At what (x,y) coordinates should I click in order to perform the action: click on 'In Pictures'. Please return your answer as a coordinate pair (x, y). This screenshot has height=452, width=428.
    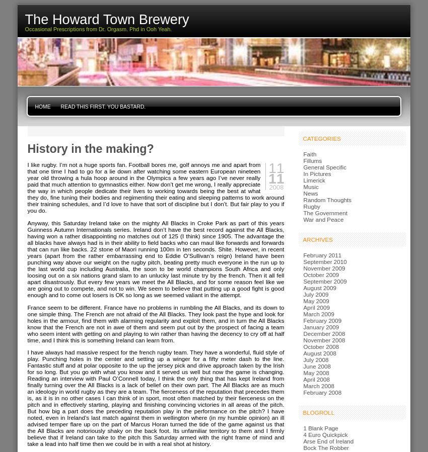
    Looking at the image, I should click on (316, 173).